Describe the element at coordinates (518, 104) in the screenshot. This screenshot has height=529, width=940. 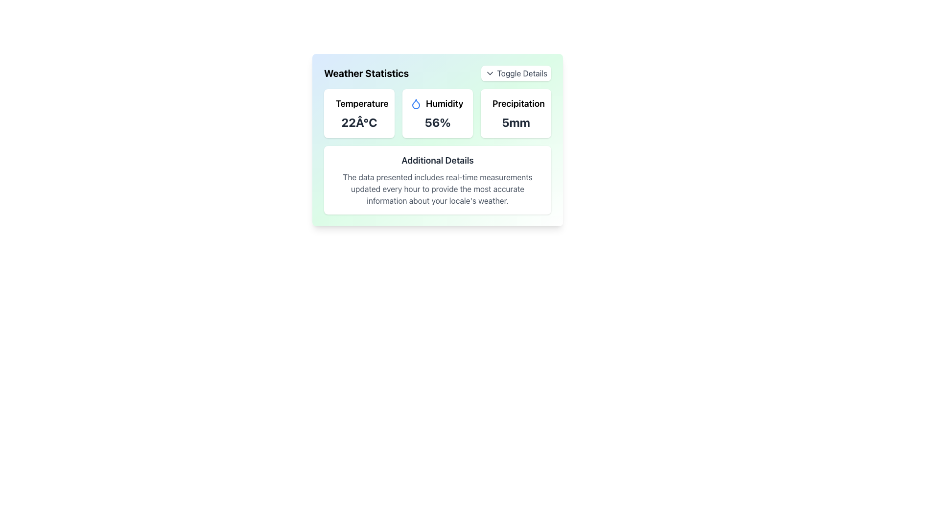
I see `text label indicating the type of weather data for precipitation, located in the top-right corner of the weather statistics card next to the data value '5mm'` at that location.